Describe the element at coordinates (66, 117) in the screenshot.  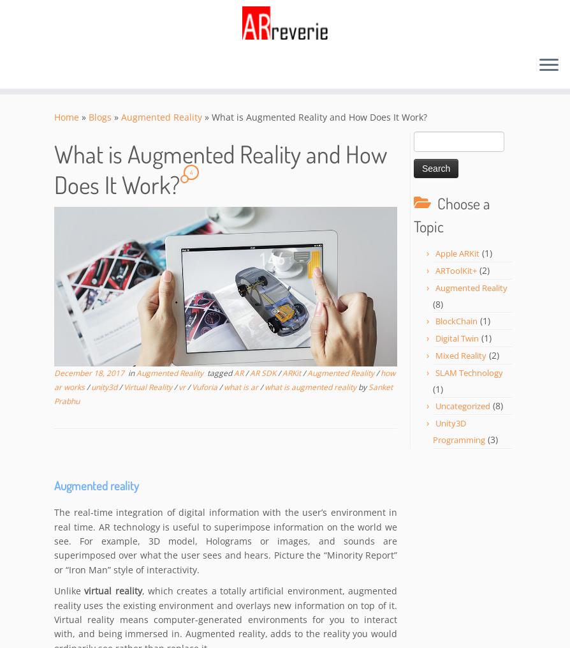
I see `'Home'` at that location.